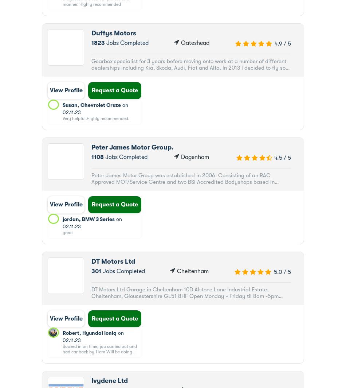 The height and width of the screenshot is (388, 346). What do you see at coordinates (113, 261) in the screenshot?
I see `'DT Motors Ltd'` at bounding box center [113, 261].